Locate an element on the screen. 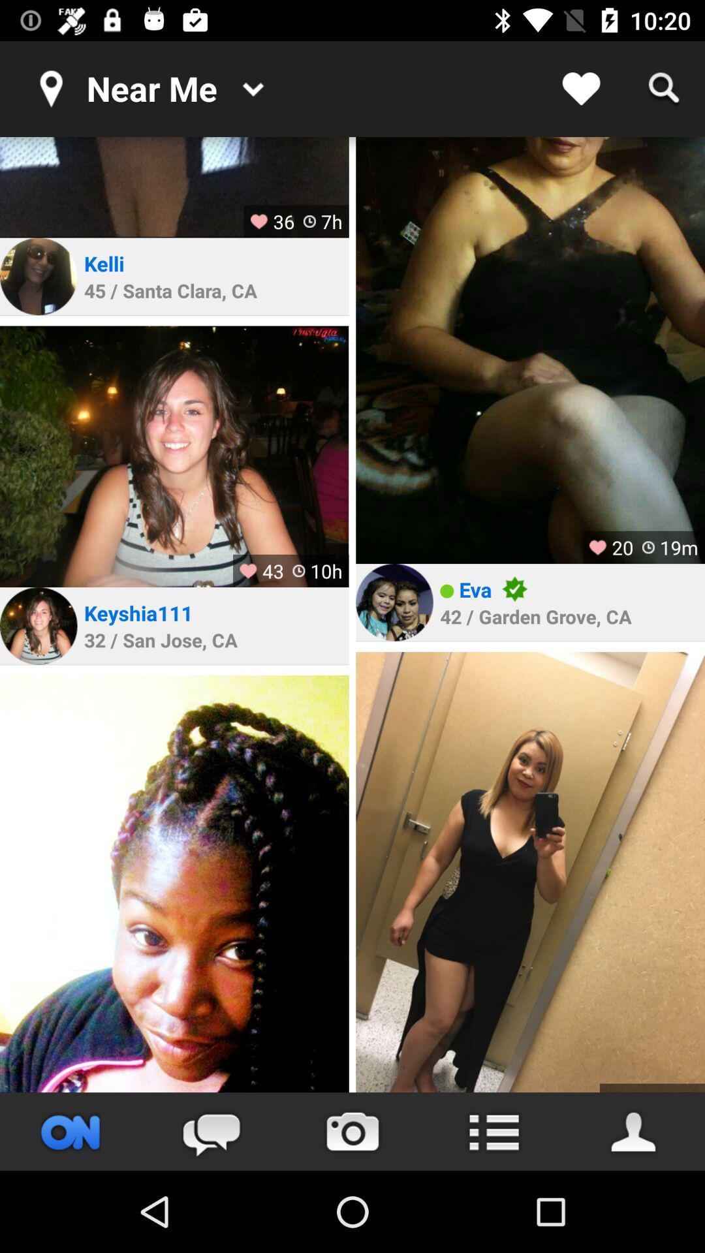 Image resolution: width=705 pixels, height=1253 pixels. contact person is located at coordinates (634, 1131).